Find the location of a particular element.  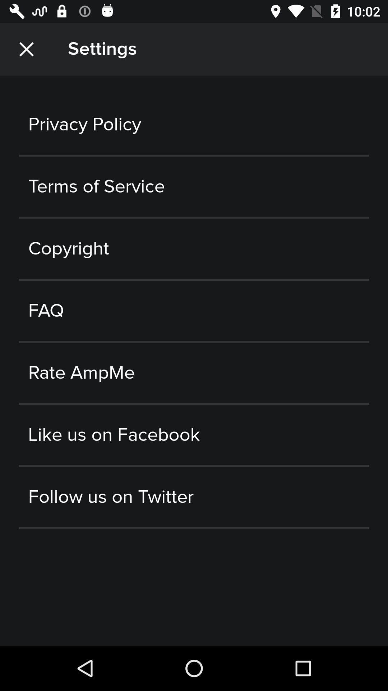

the terms of service item is located at coordinates (194, 186).